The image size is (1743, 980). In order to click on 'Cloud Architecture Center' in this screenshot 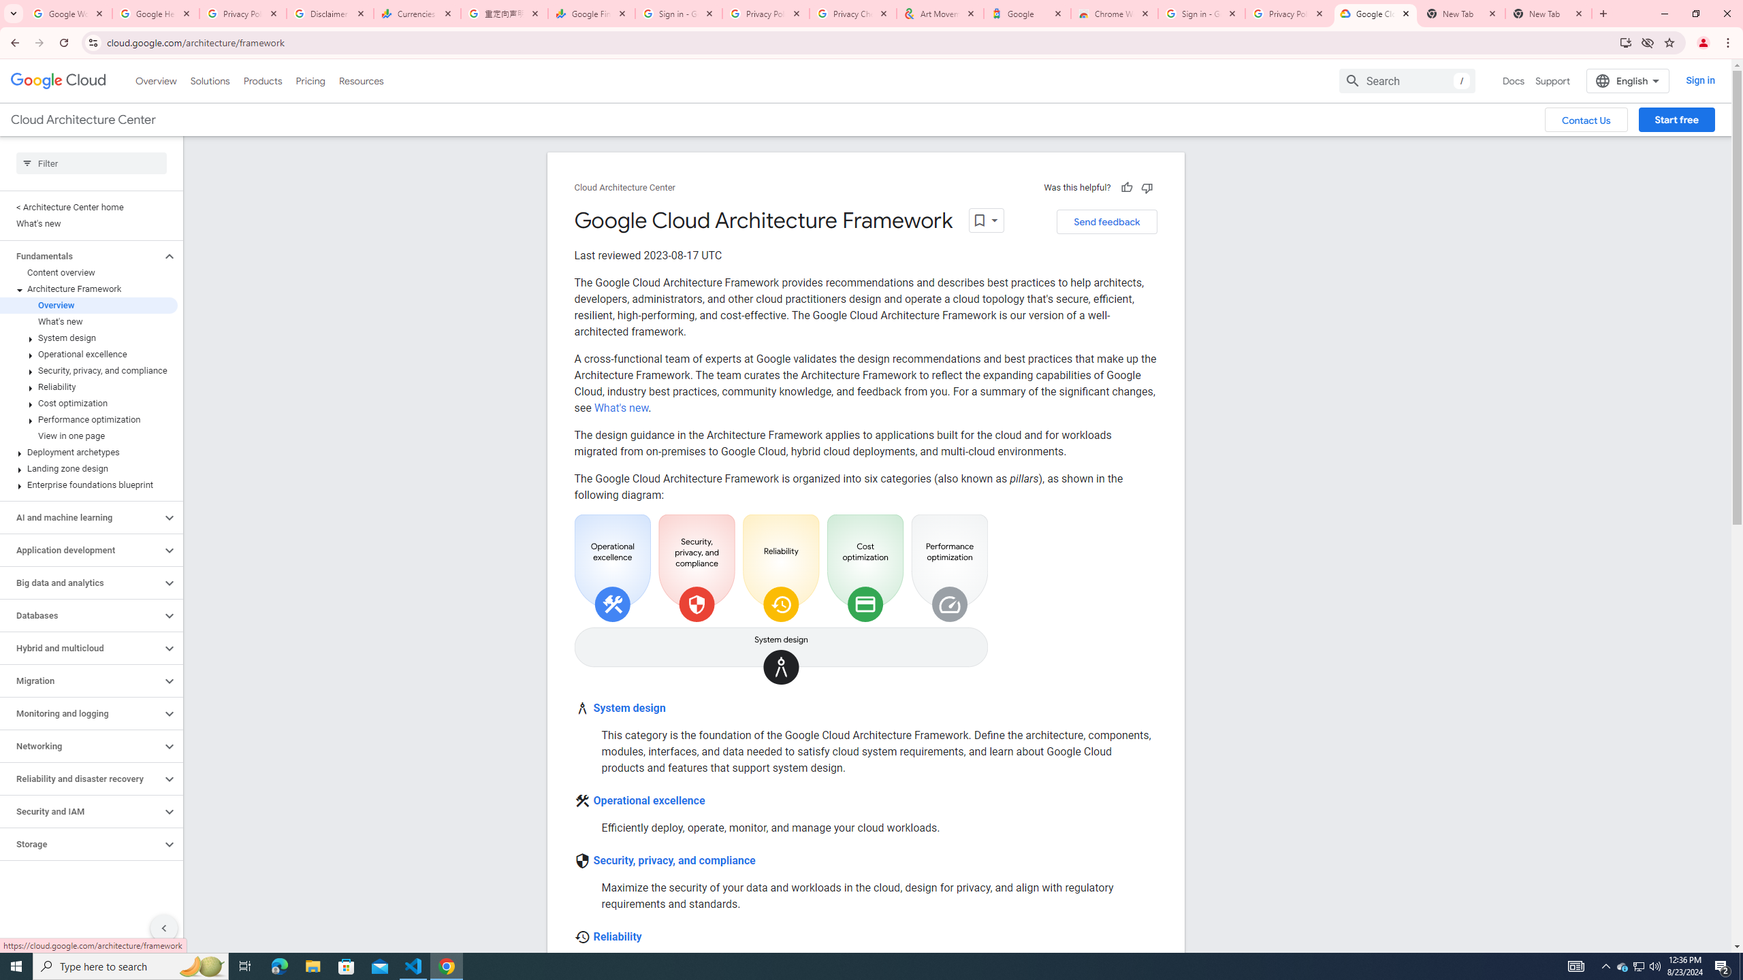, I will do `click(624, 187)`.